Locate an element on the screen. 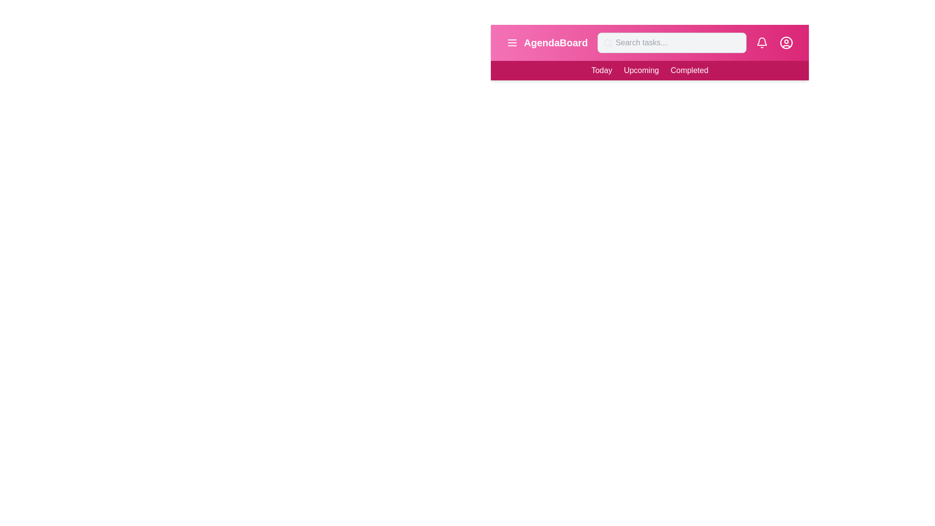 The image size is (935, 526). the user profile icon is located at coordinates (786, 42).